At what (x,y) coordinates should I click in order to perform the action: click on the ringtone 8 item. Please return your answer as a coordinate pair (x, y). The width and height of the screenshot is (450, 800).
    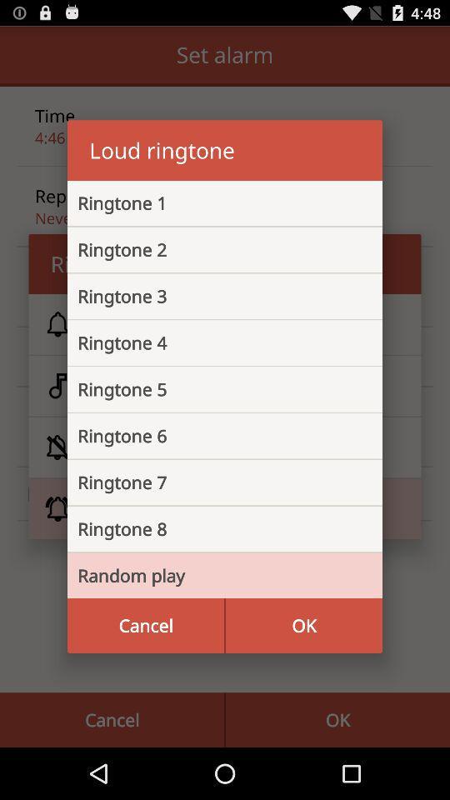
    Looking at the image, I should click on (212, 528).